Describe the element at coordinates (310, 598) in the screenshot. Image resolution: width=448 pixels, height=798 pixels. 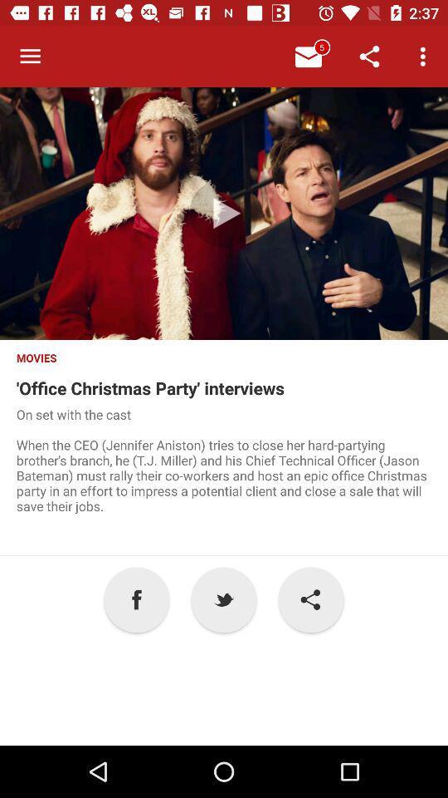
I see `the item to the right of the p icon` at that location.